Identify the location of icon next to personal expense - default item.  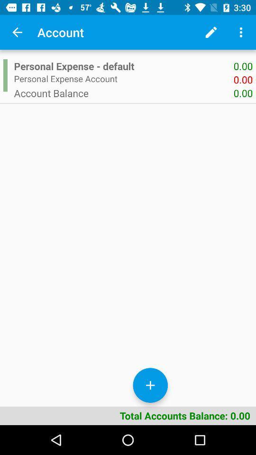
(5, 75).